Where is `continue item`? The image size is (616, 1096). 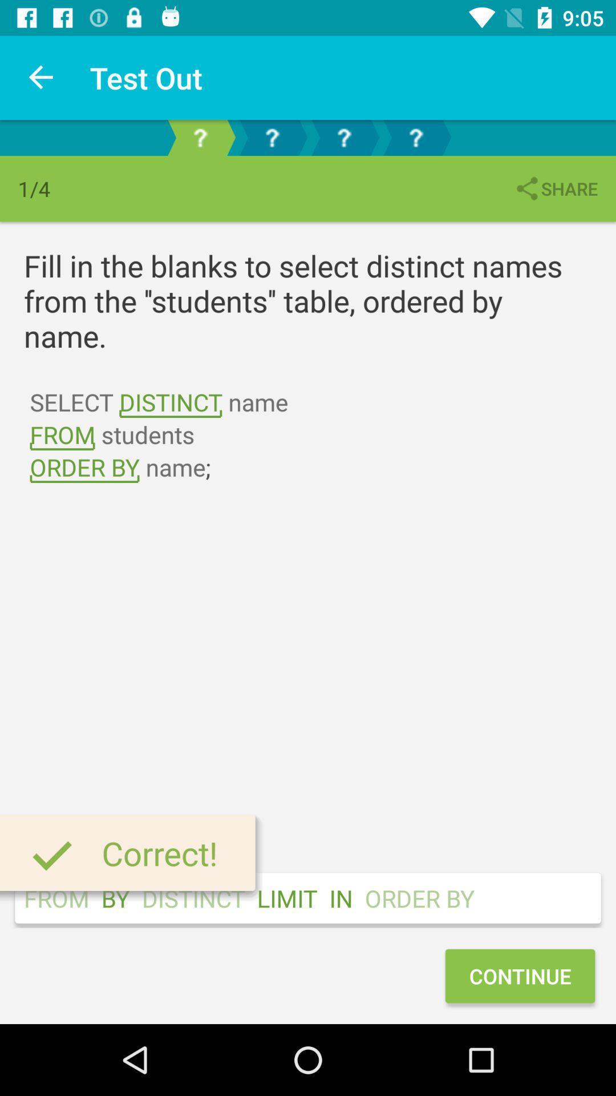 continue item is located at coordinates (520, 975).